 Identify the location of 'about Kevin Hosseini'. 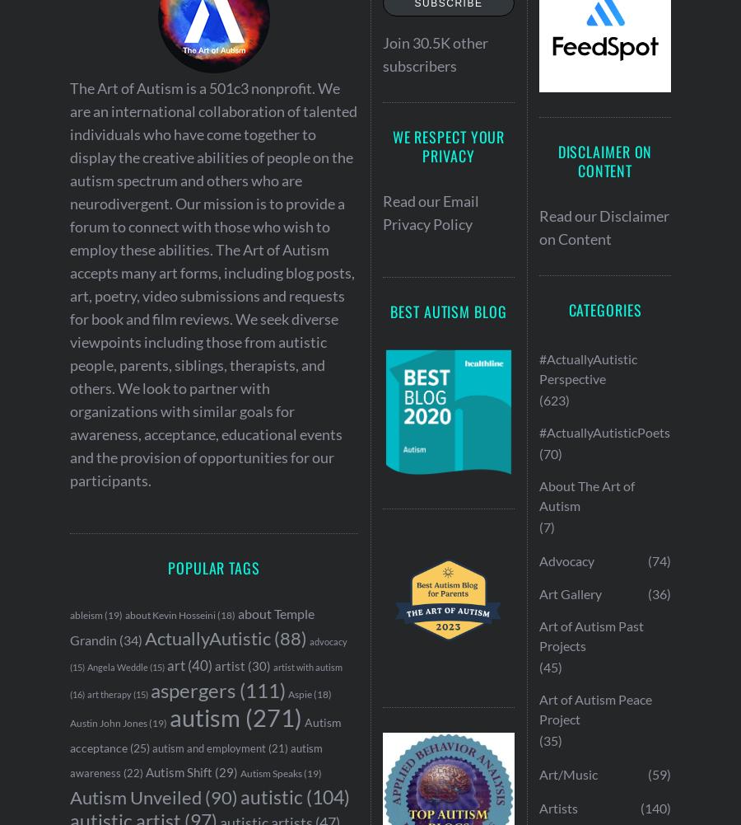
(170, 615).